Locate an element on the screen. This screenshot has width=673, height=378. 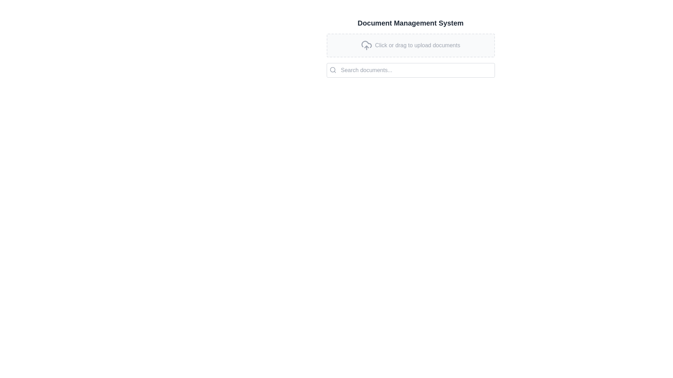
upload icon that symbolizes the file upload functionality, located slightly left of the 'Click or drag to upload documents' label and centered vertically within the area is located at coordinates (366, 45).